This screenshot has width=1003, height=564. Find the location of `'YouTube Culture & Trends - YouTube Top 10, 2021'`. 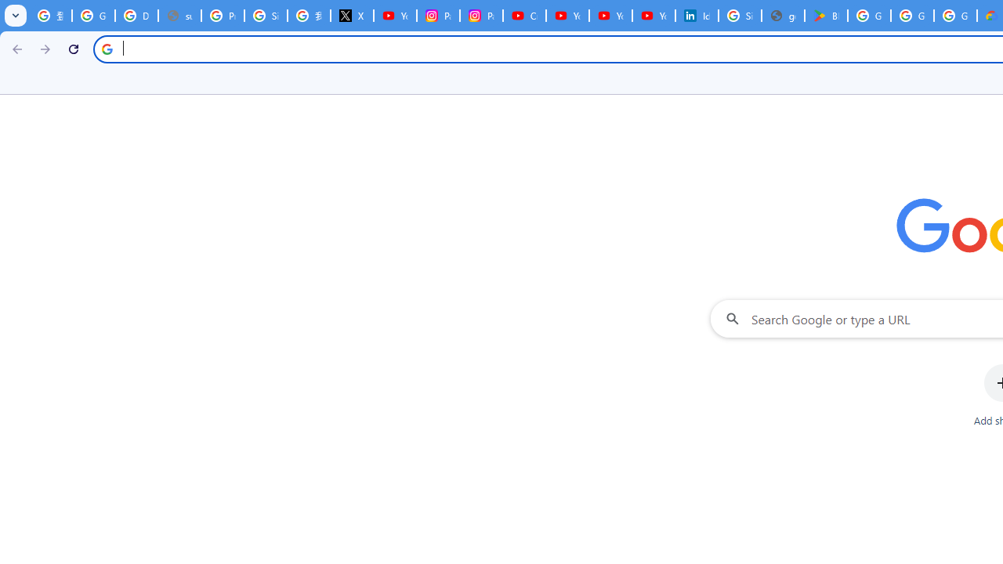

'YouTube Culture & Trends - YouTube Top 10, 2021' is located at coordinates (610, 16).